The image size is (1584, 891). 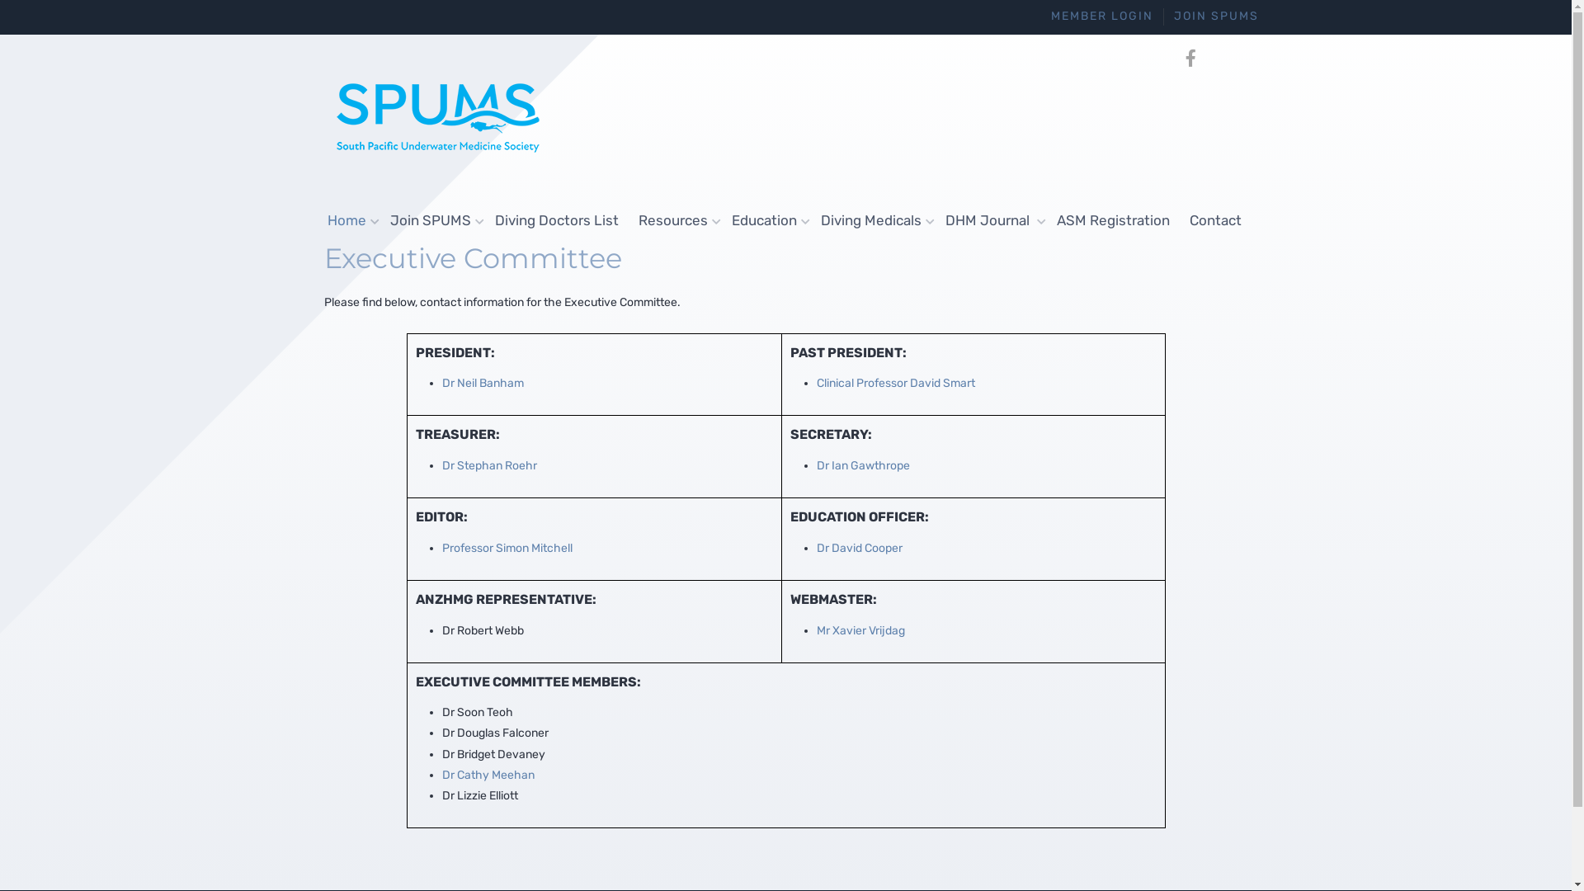 I want to click on 'Resources', so click(x=675, y=219).